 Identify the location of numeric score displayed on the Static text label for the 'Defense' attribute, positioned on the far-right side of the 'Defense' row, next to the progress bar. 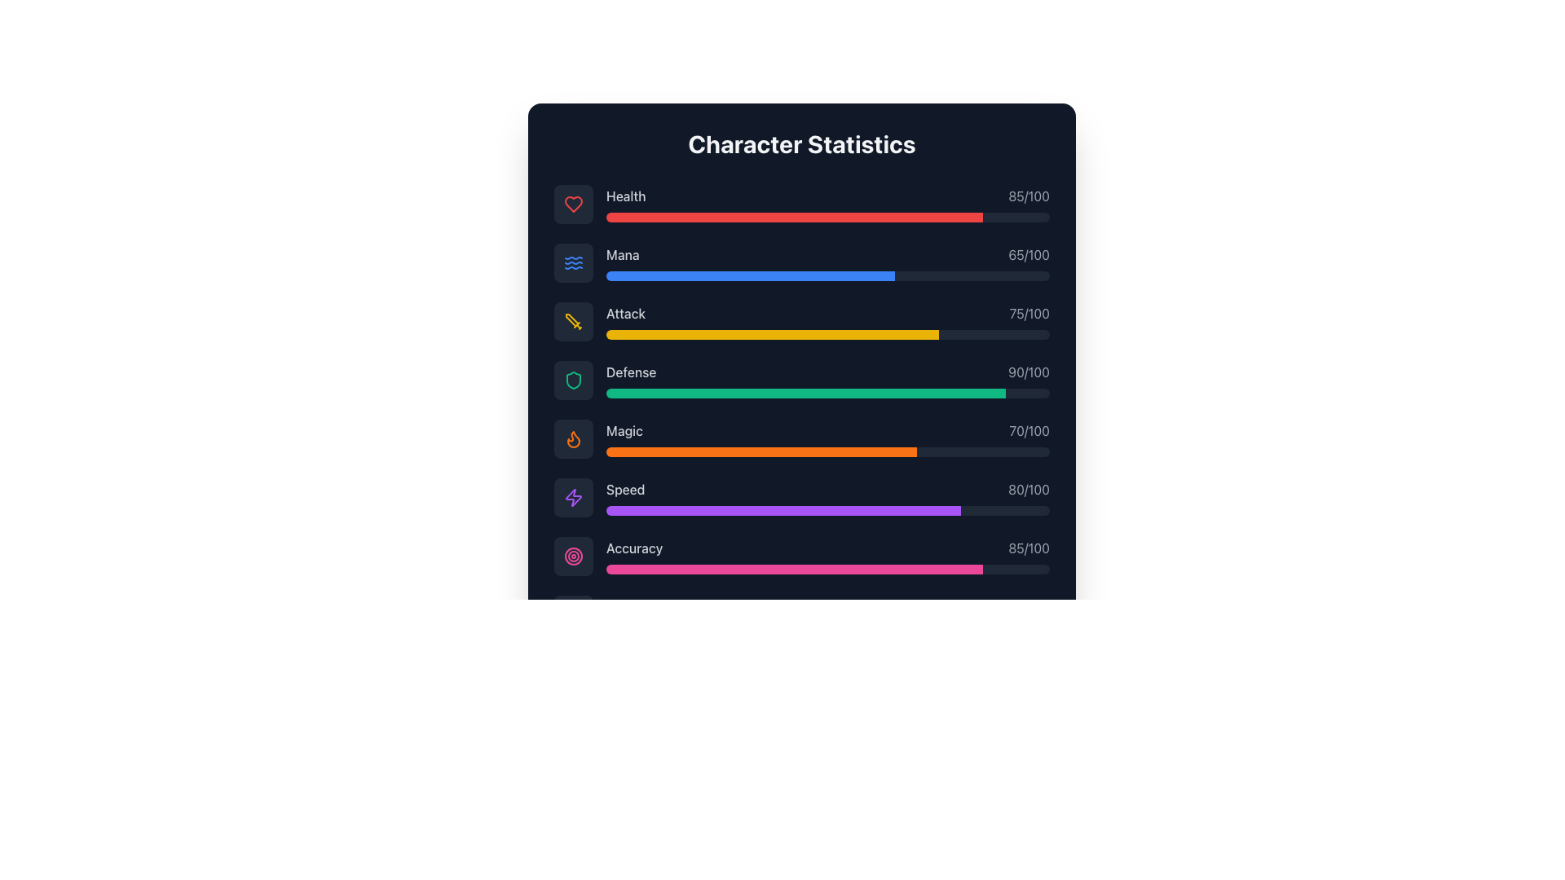
(1028, 372).